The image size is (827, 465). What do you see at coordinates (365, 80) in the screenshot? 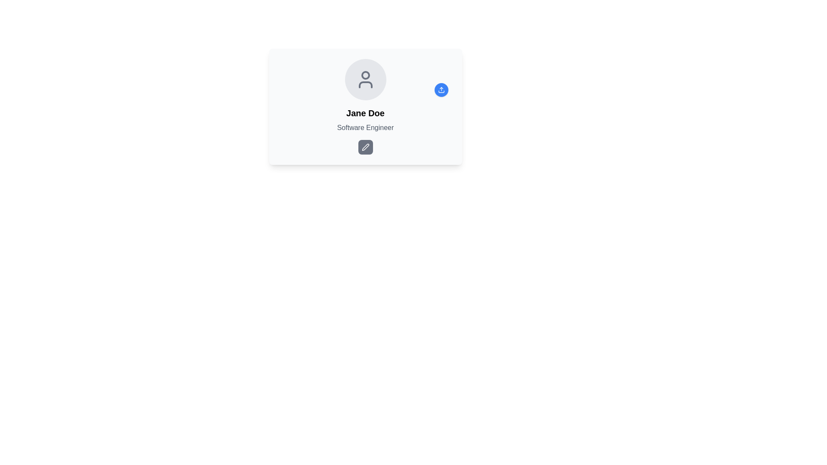
I see `the circular profile placeholder icon with a light gray background and dark gray outline, located above the text 'Jane Doe' and to the left of the blue upload button` at bounding box center [365, 80].